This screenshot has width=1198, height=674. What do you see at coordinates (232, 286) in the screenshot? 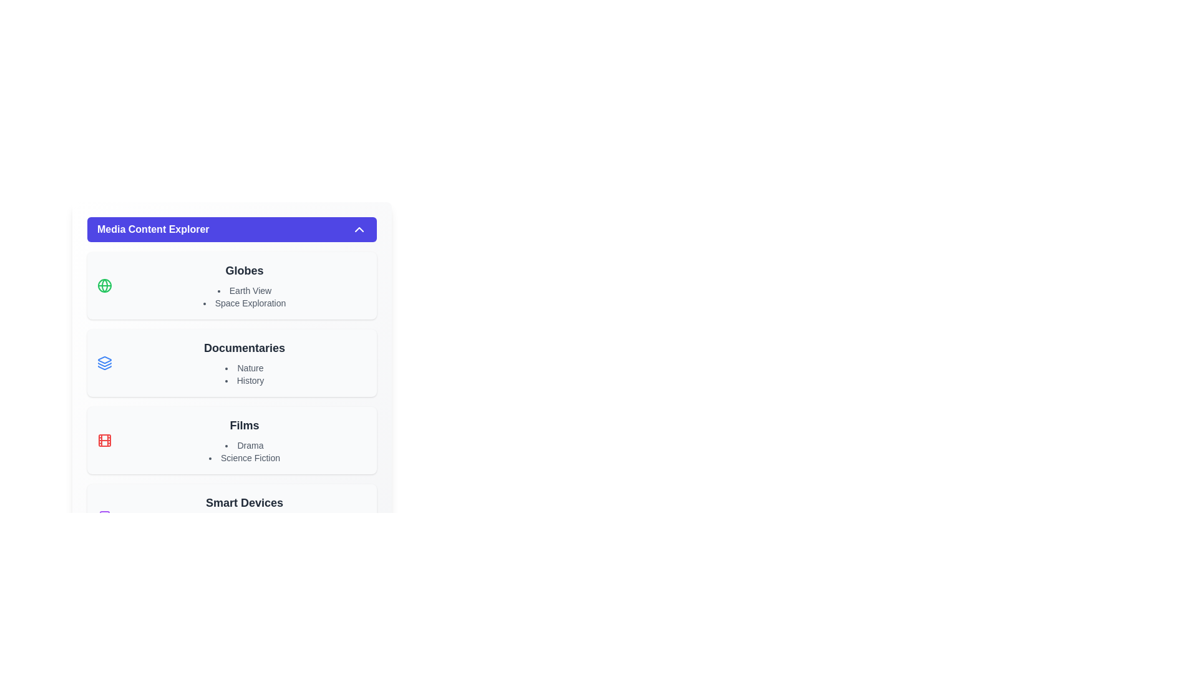
I see `the section titled 'Globes' which features a green globe icon and lists 'Earth View' and 'Space Exploration'` at bounding box center [232, 286].